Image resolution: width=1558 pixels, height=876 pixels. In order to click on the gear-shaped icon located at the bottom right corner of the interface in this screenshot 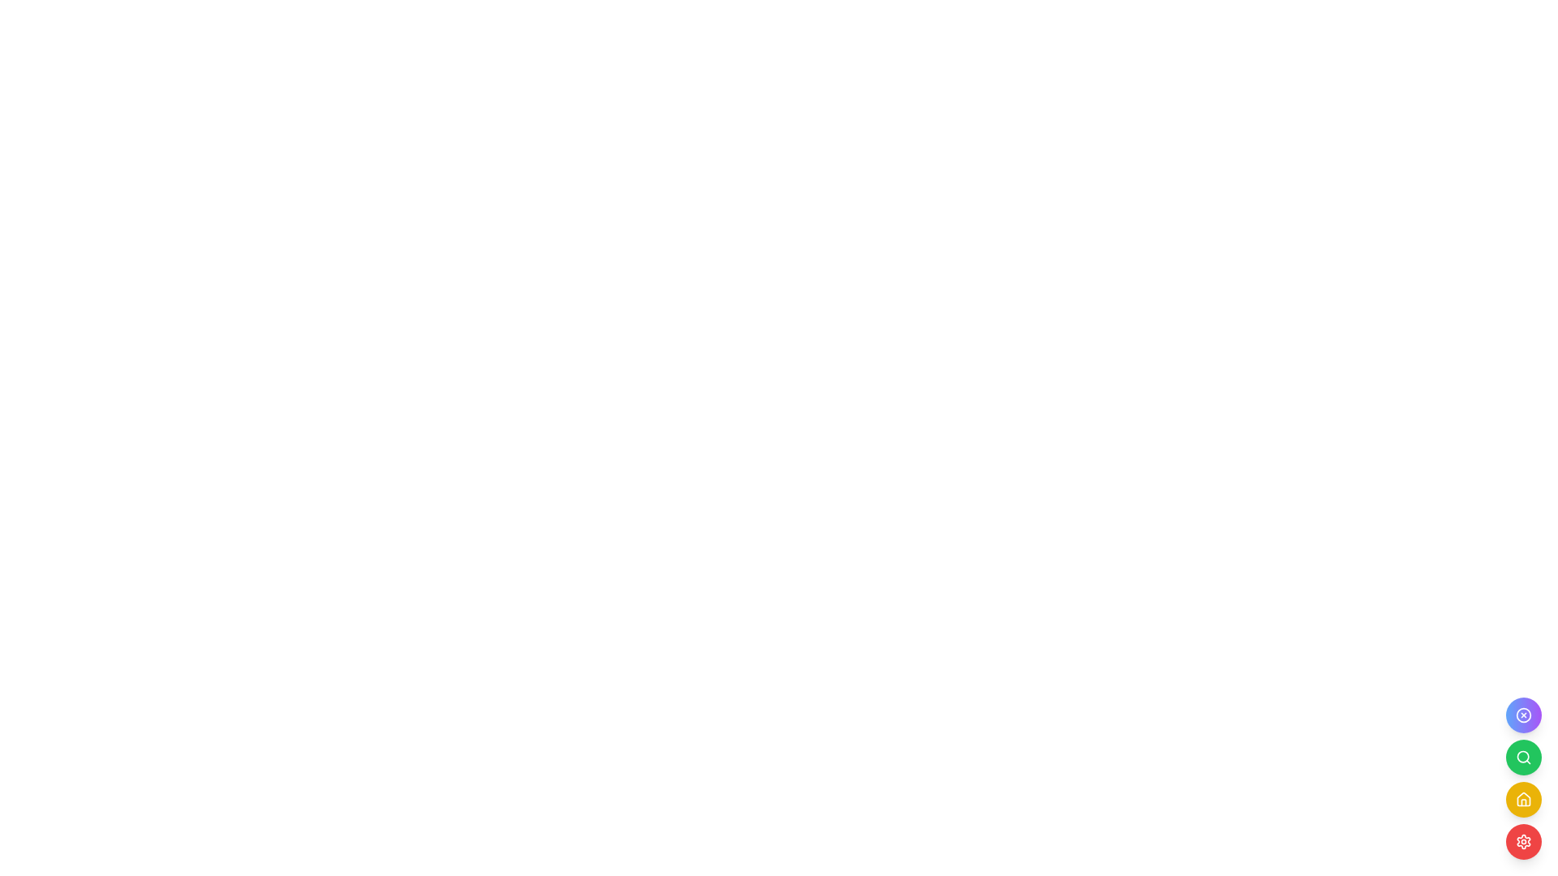, I will do `click(1522, 840)`.